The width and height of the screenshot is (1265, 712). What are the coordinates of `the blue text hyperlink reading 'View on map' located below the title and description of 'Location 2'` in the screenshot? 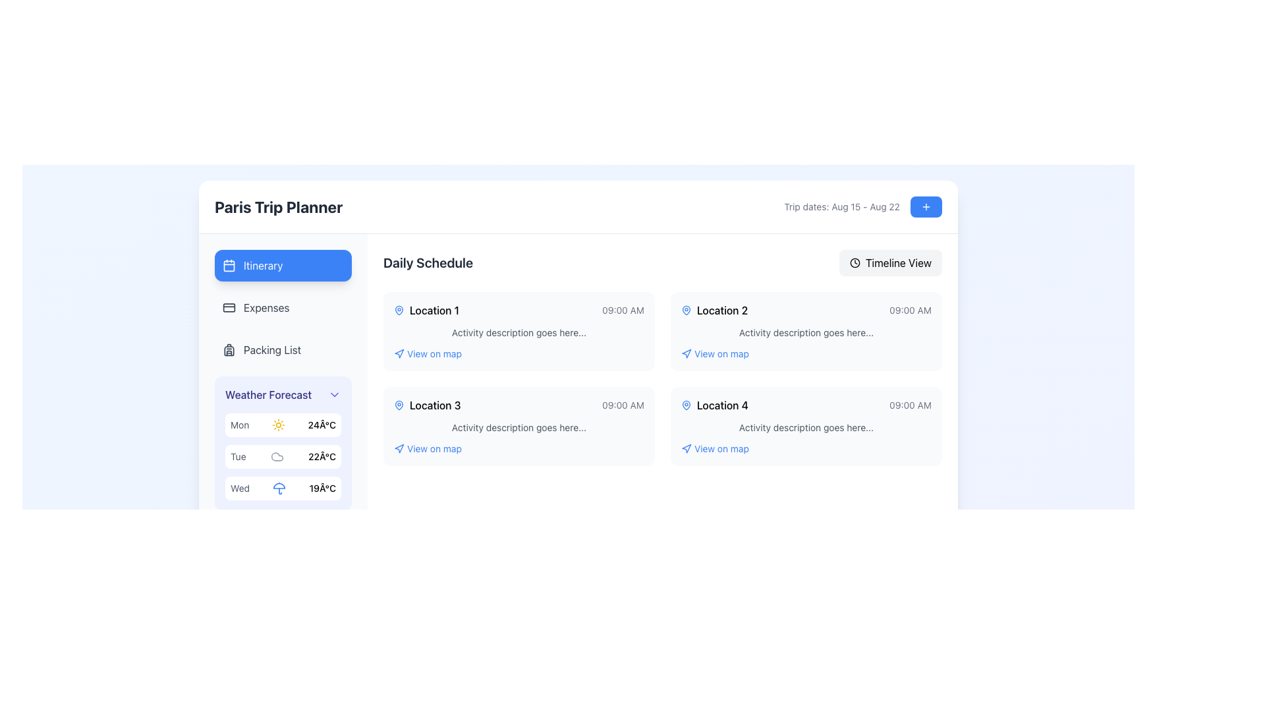 It's located at (720, 353).